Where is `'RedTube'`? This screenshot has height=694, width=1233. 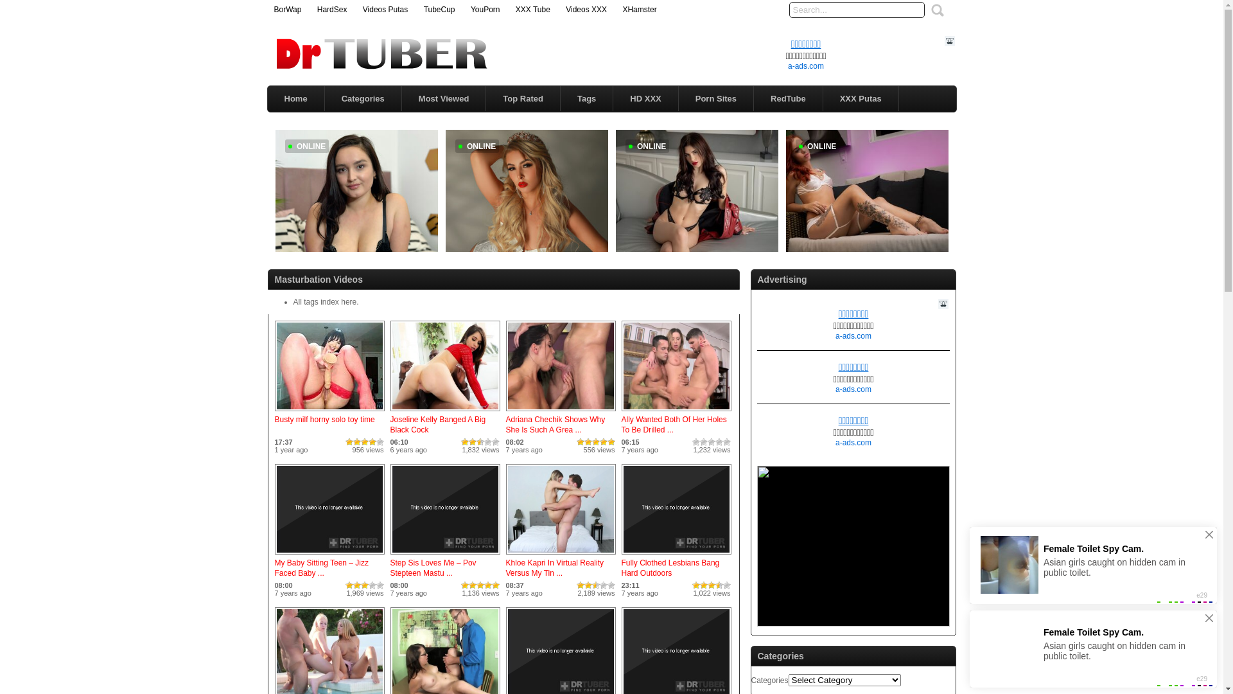 'RedTube' is located at coordinates (754, 98).